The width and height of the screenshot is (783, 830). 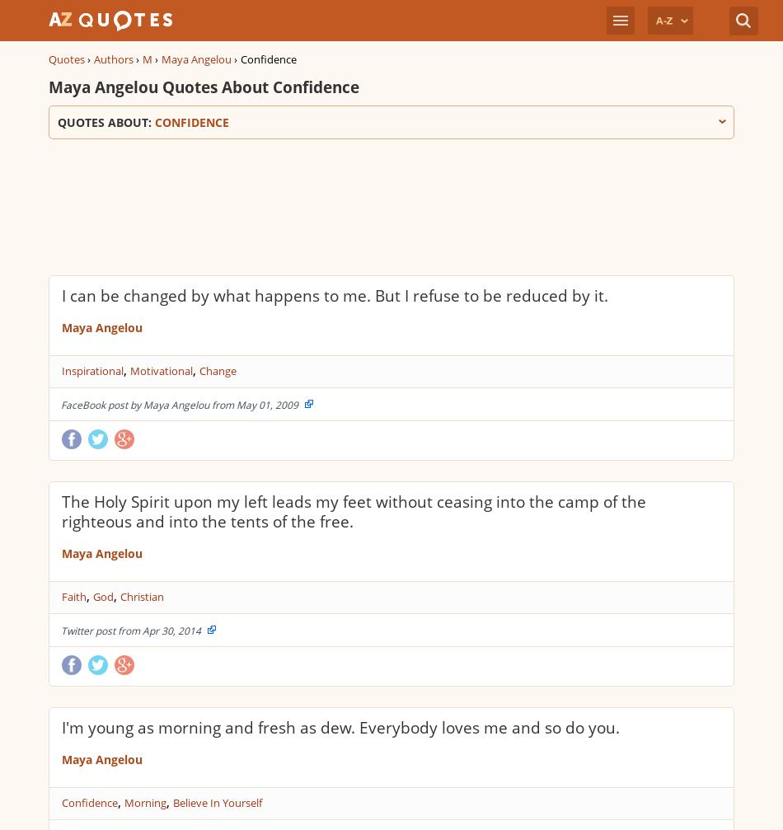 What do you see at coordinates (340, 726) in the screenshot?
I see `'I'm young as morning and fresh as dew. Everybody loves me and so do you.'` at bounding box center [340, 726].